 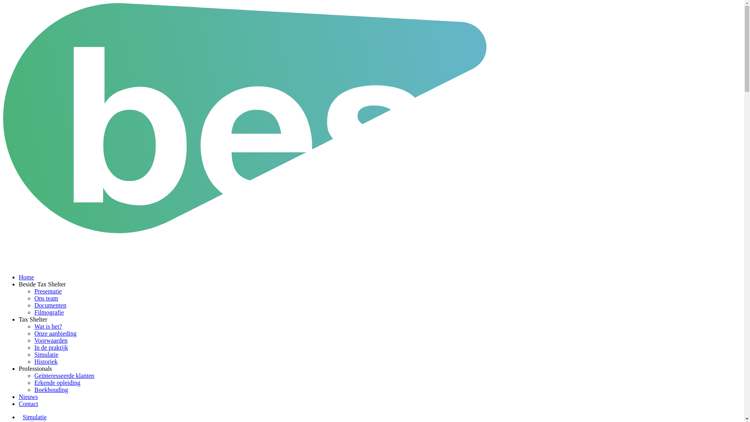 I want to click on 'Boekhouding', so click(x=50, y=390).